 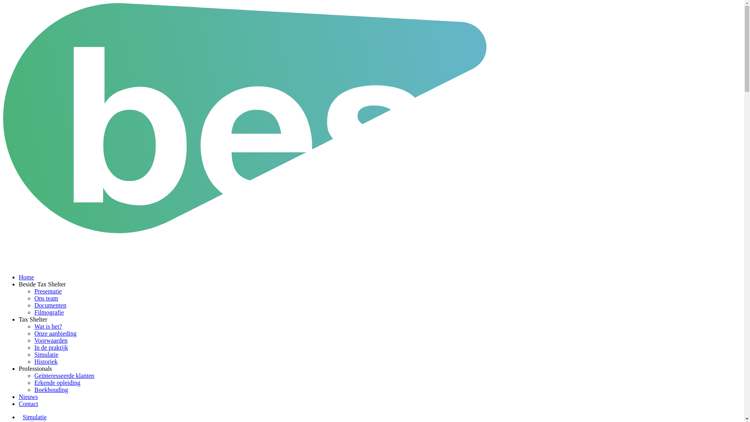 I want to click on 'Boekhouding', so click(x=50, y=390).